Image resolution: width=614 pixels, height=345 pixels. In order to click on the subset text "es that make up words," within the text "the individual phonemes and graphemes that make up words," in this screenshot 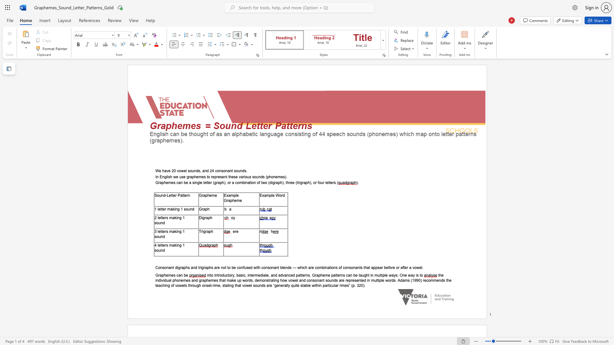, I will do `click(214, 280)`.